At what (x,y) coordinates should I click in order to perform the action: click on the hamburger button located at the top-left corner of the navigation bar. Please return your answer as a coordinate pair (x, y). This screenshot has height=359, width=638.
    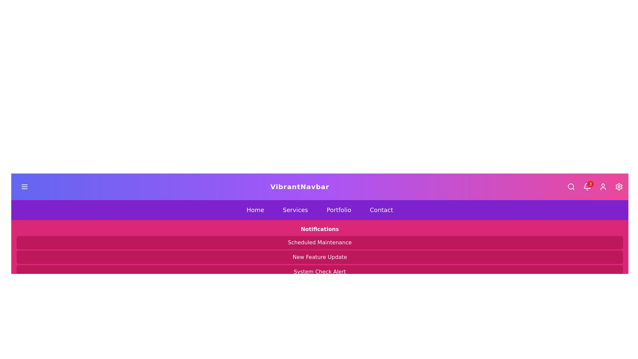
    Looking at the image, I should click on (24, 187).